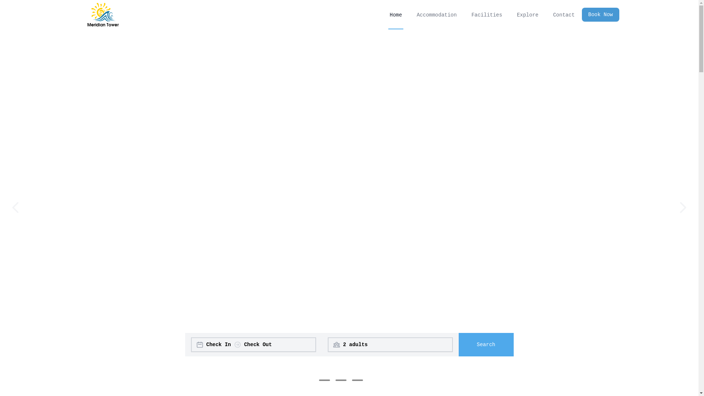 The width and height of the screenshot is (704, 396). Describe the element at coordinates (515, 14) in the screenshot. I see `'Explore'` at that location.